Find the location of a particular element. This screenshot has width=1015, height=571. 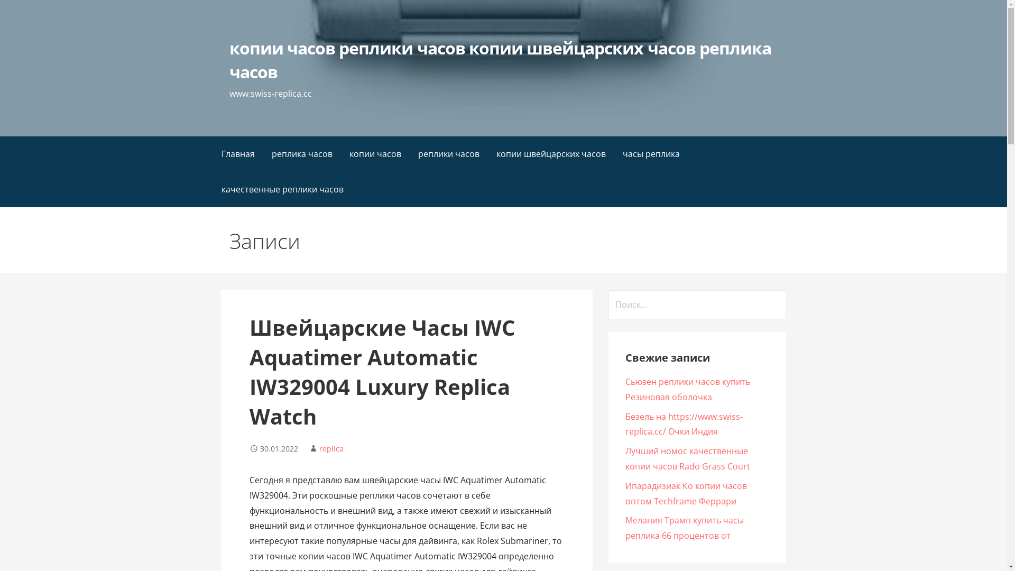

'replica' is located at coordinates (331, 448).